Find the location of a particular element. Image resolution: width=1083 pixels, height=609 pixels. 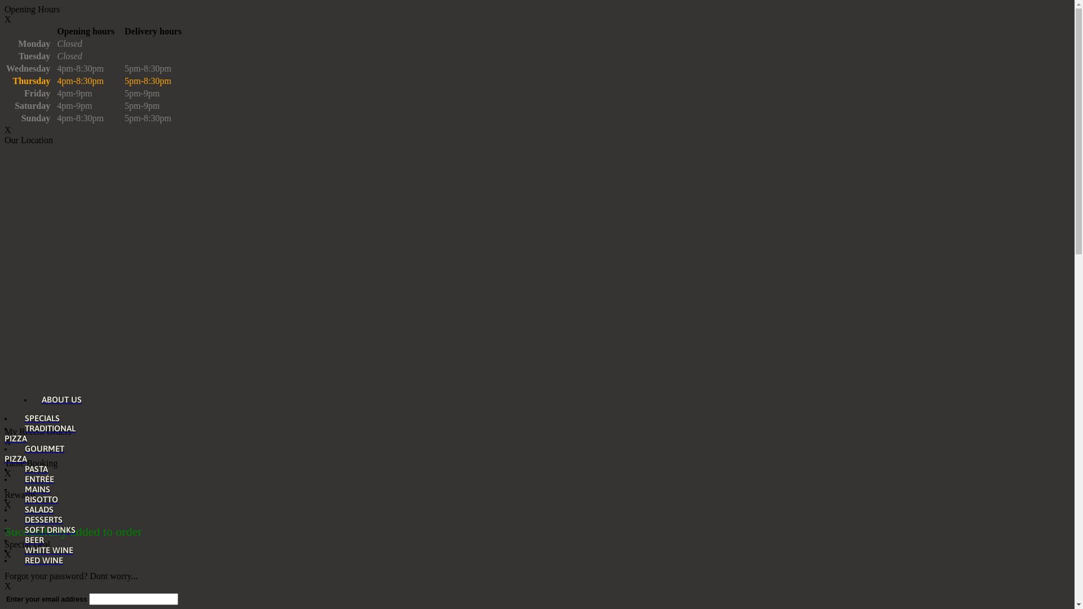

'MAINS' is located at coordinates (33, 488).